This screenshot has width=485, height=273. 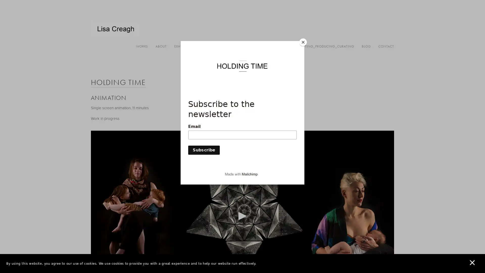 I want to click on Play, so click(x=243, y=216).